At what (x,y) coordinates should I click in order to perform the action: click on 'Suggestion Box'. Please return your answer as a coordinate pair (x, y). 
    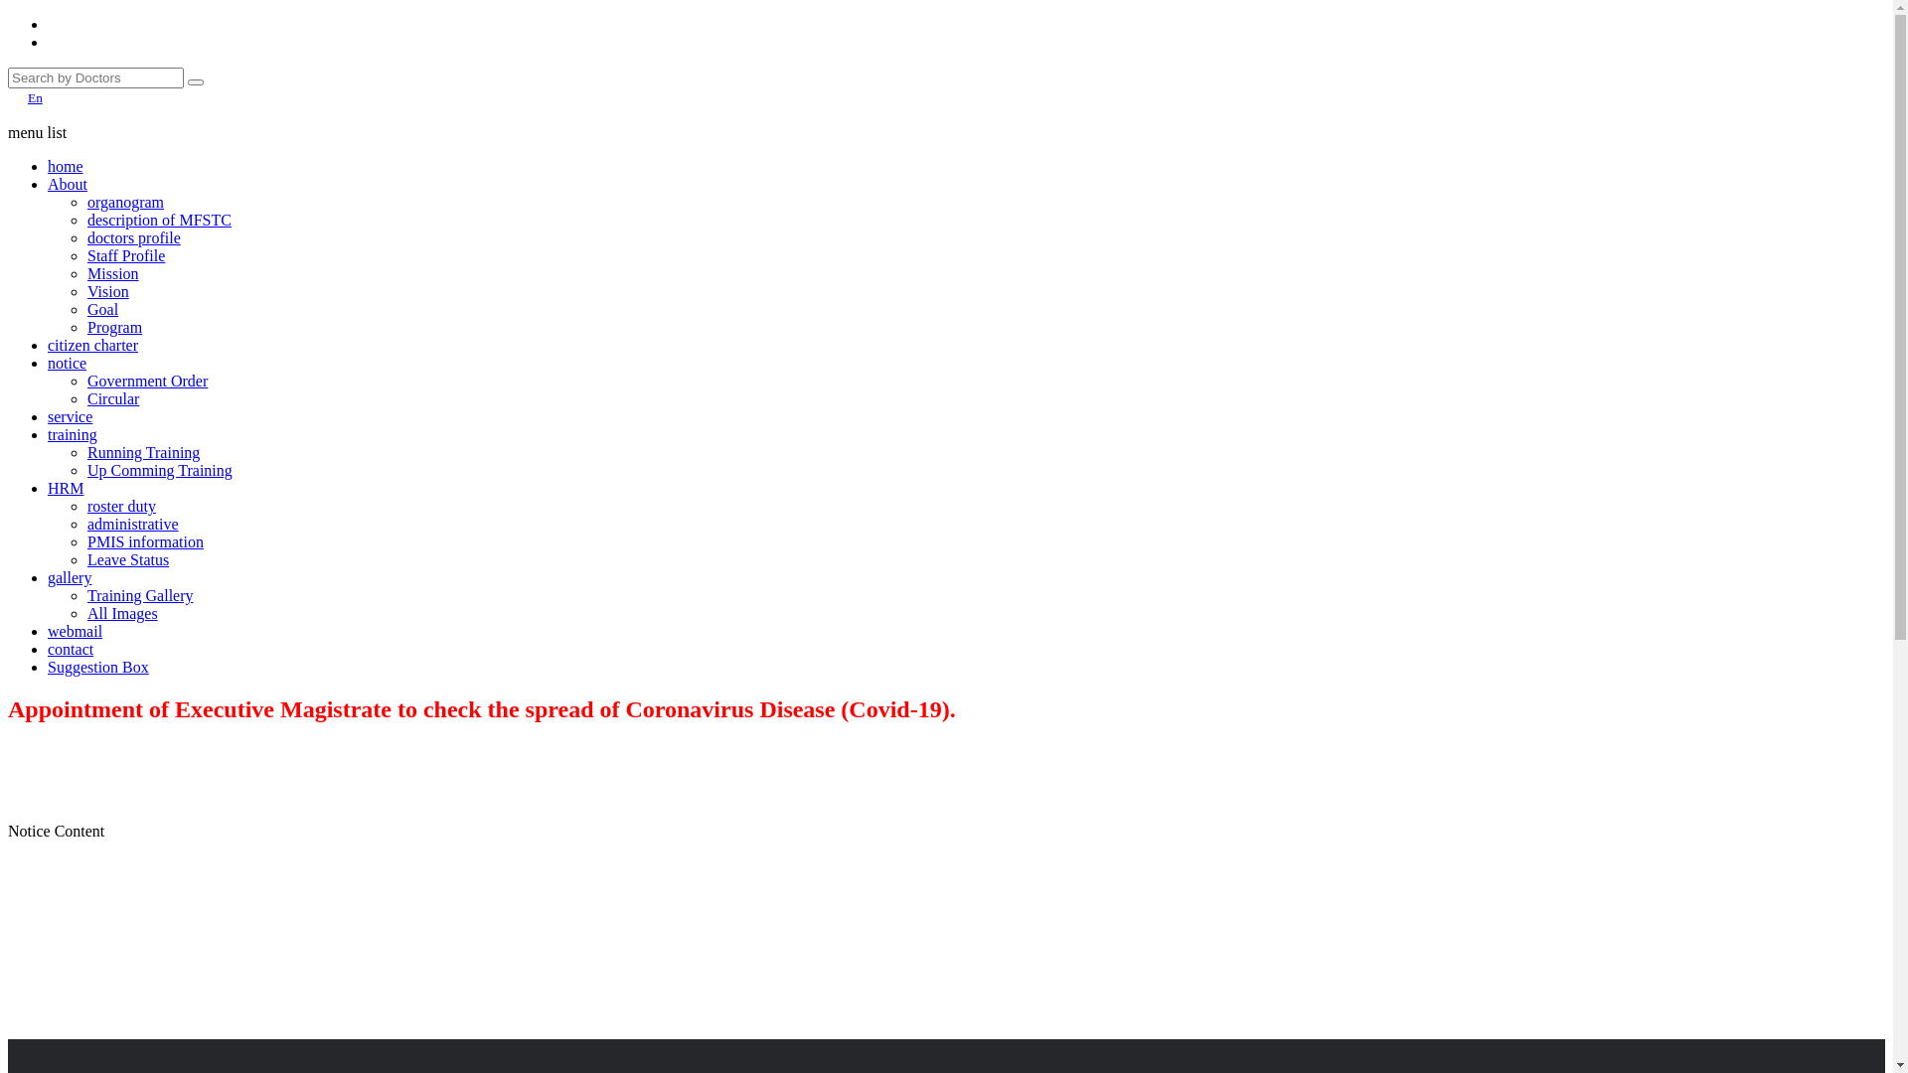
    Looking at the image, I should click on (97, 667).